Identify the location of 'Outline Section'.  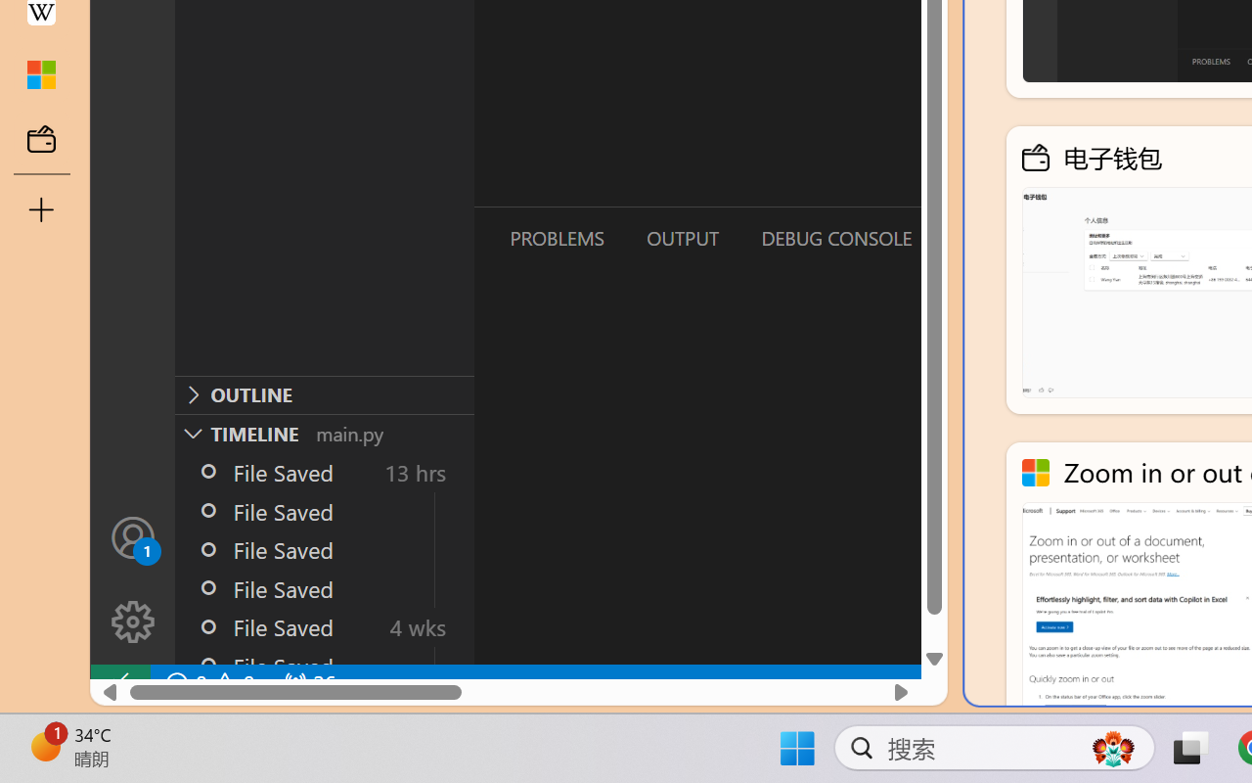
(324, 394).